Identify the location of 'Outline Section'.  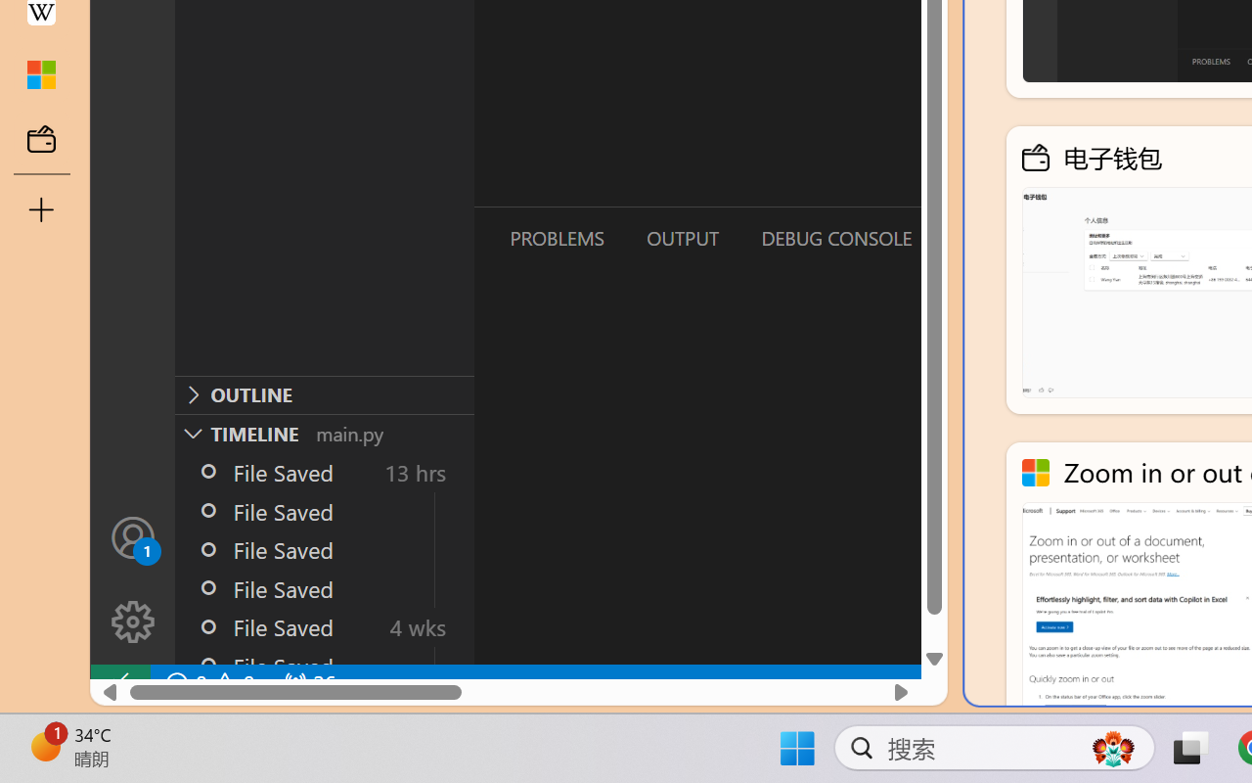
(324, 394).